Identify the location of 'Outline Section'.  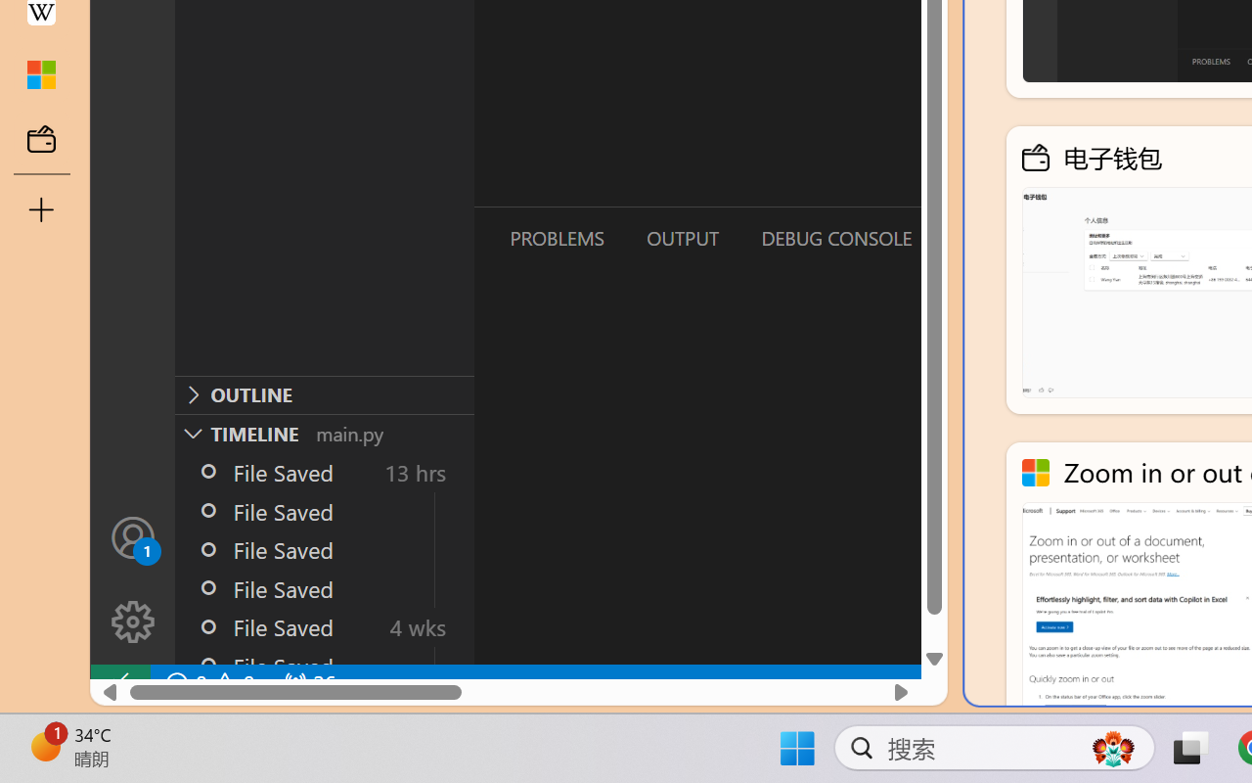
(324, 394).